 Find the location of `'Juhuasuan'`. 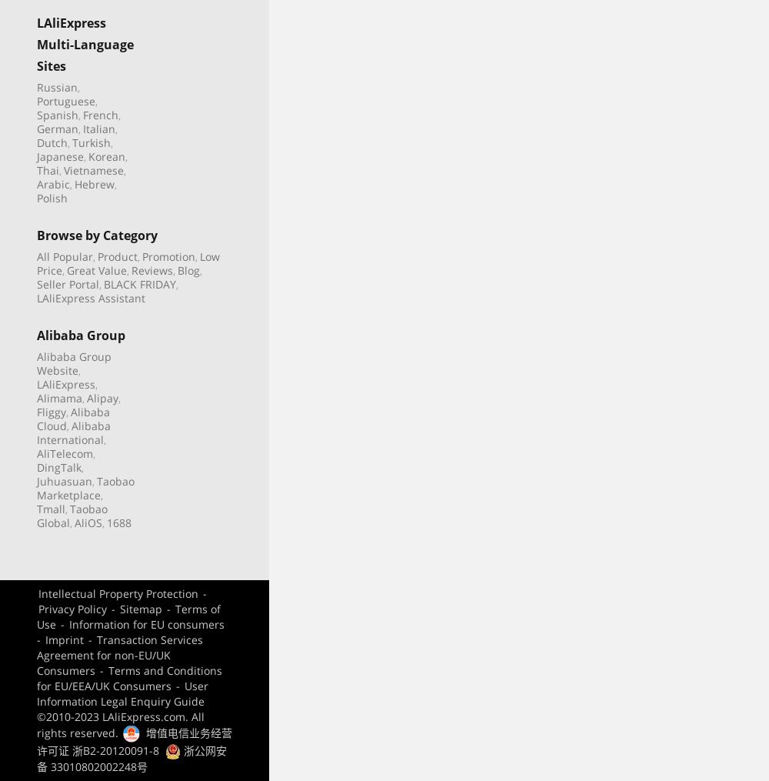

'Juhuasuan' is located at coordinates (64, 479).